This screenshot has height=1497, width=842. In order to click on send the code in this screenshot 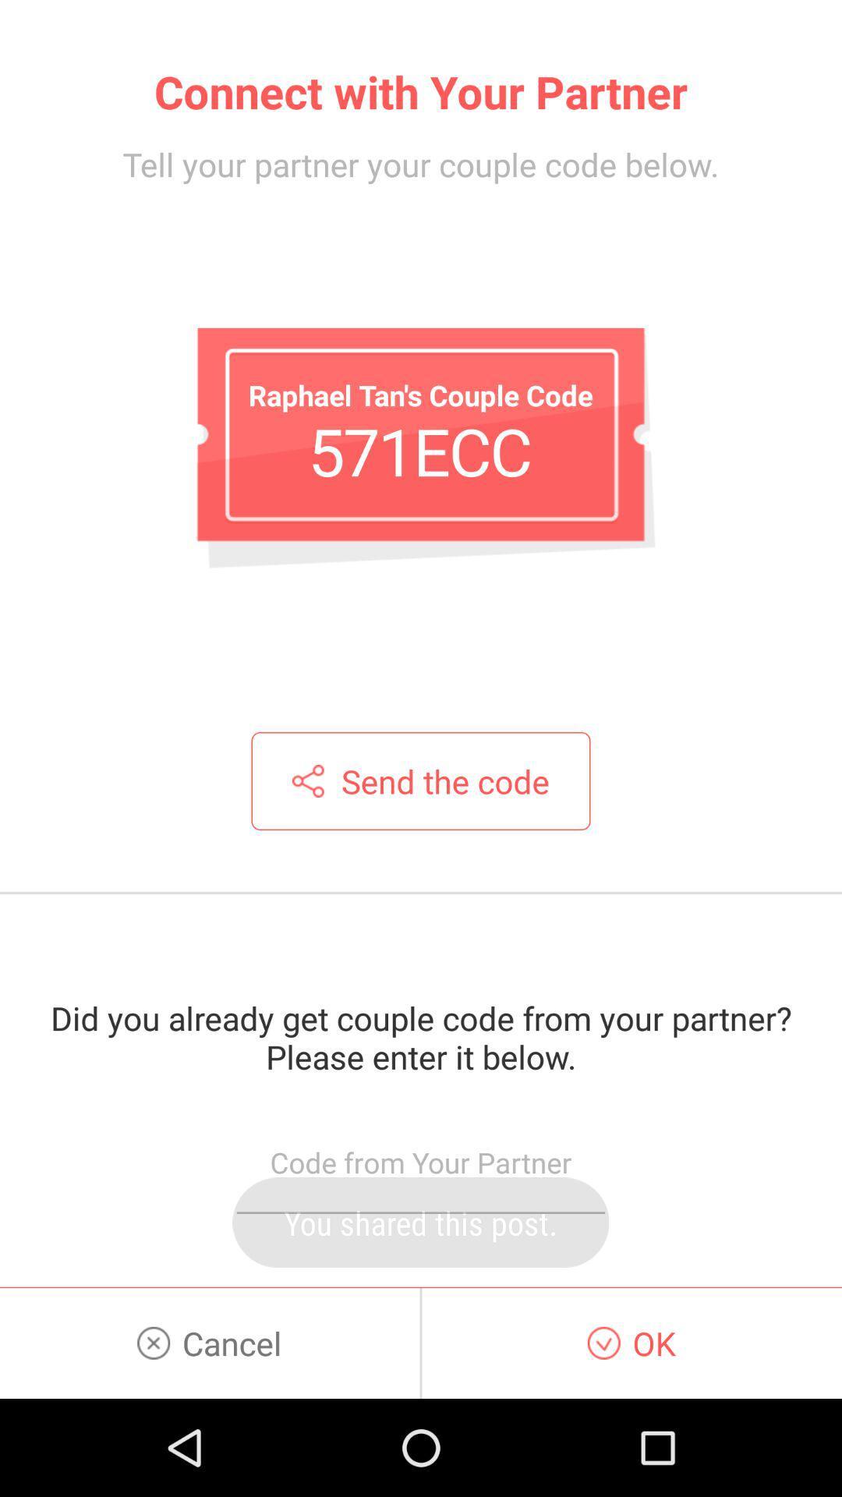, I will do `click(421, 781)`.